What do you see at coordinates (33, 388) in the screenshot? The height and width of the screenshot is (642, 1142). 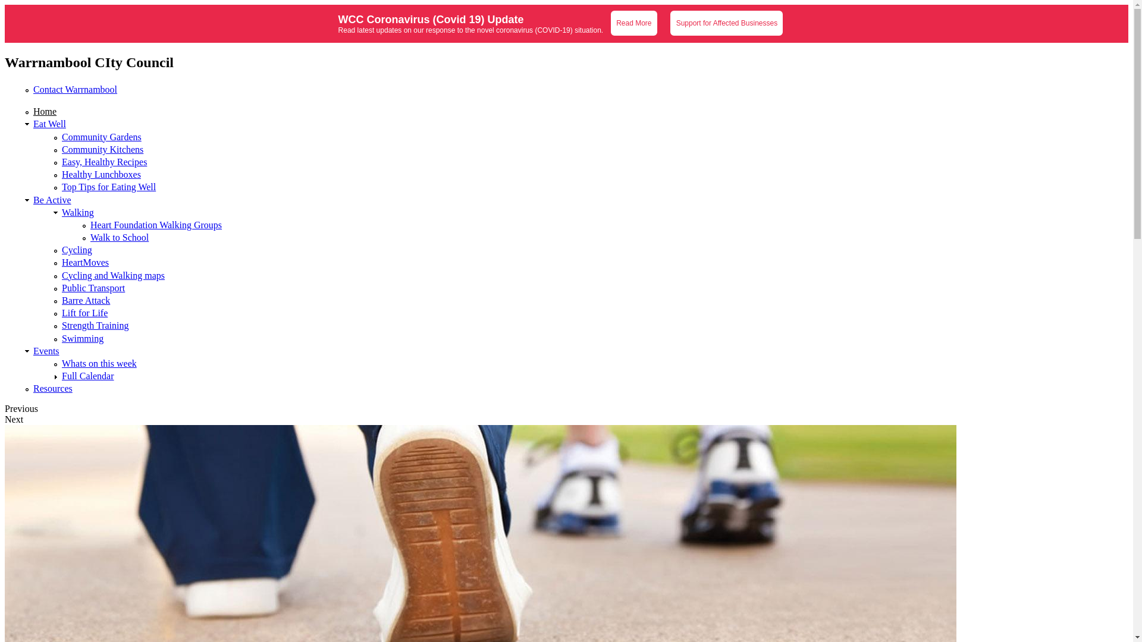 I see `'Resources'` at bounding box center [33, 388].